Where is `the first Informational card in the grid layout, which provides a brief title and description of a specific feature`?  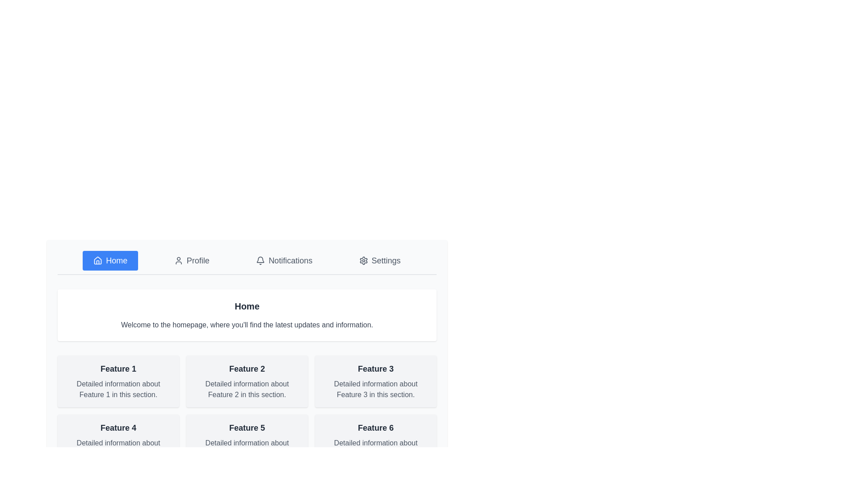 the first Informational card in the grid layout, which provides a brief title and description of a specific feature is located at coordinates (118, 381).